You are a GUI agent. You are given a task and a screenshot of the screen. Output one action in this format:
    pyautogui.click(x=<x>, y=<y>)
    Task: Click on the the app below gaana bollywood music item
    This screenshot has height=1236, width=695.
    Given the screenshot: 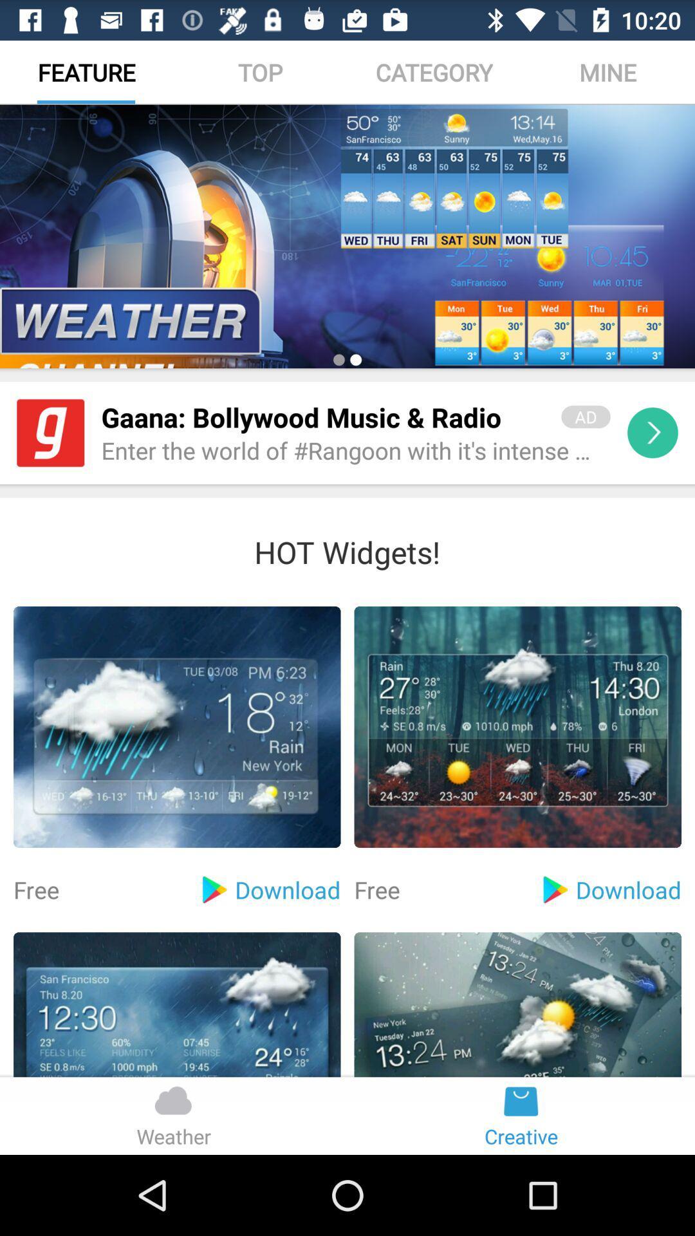 What is the action you would take?
    pyautogui.click(x=356, y=451)
    